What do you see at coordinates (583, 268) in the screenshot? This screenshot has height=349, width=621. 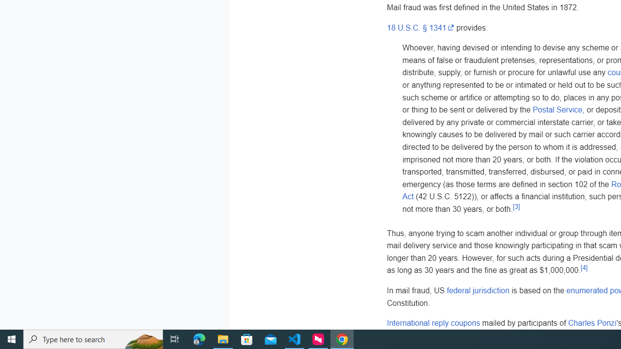 I see `'[4]'` at bounding box center [583, 268].